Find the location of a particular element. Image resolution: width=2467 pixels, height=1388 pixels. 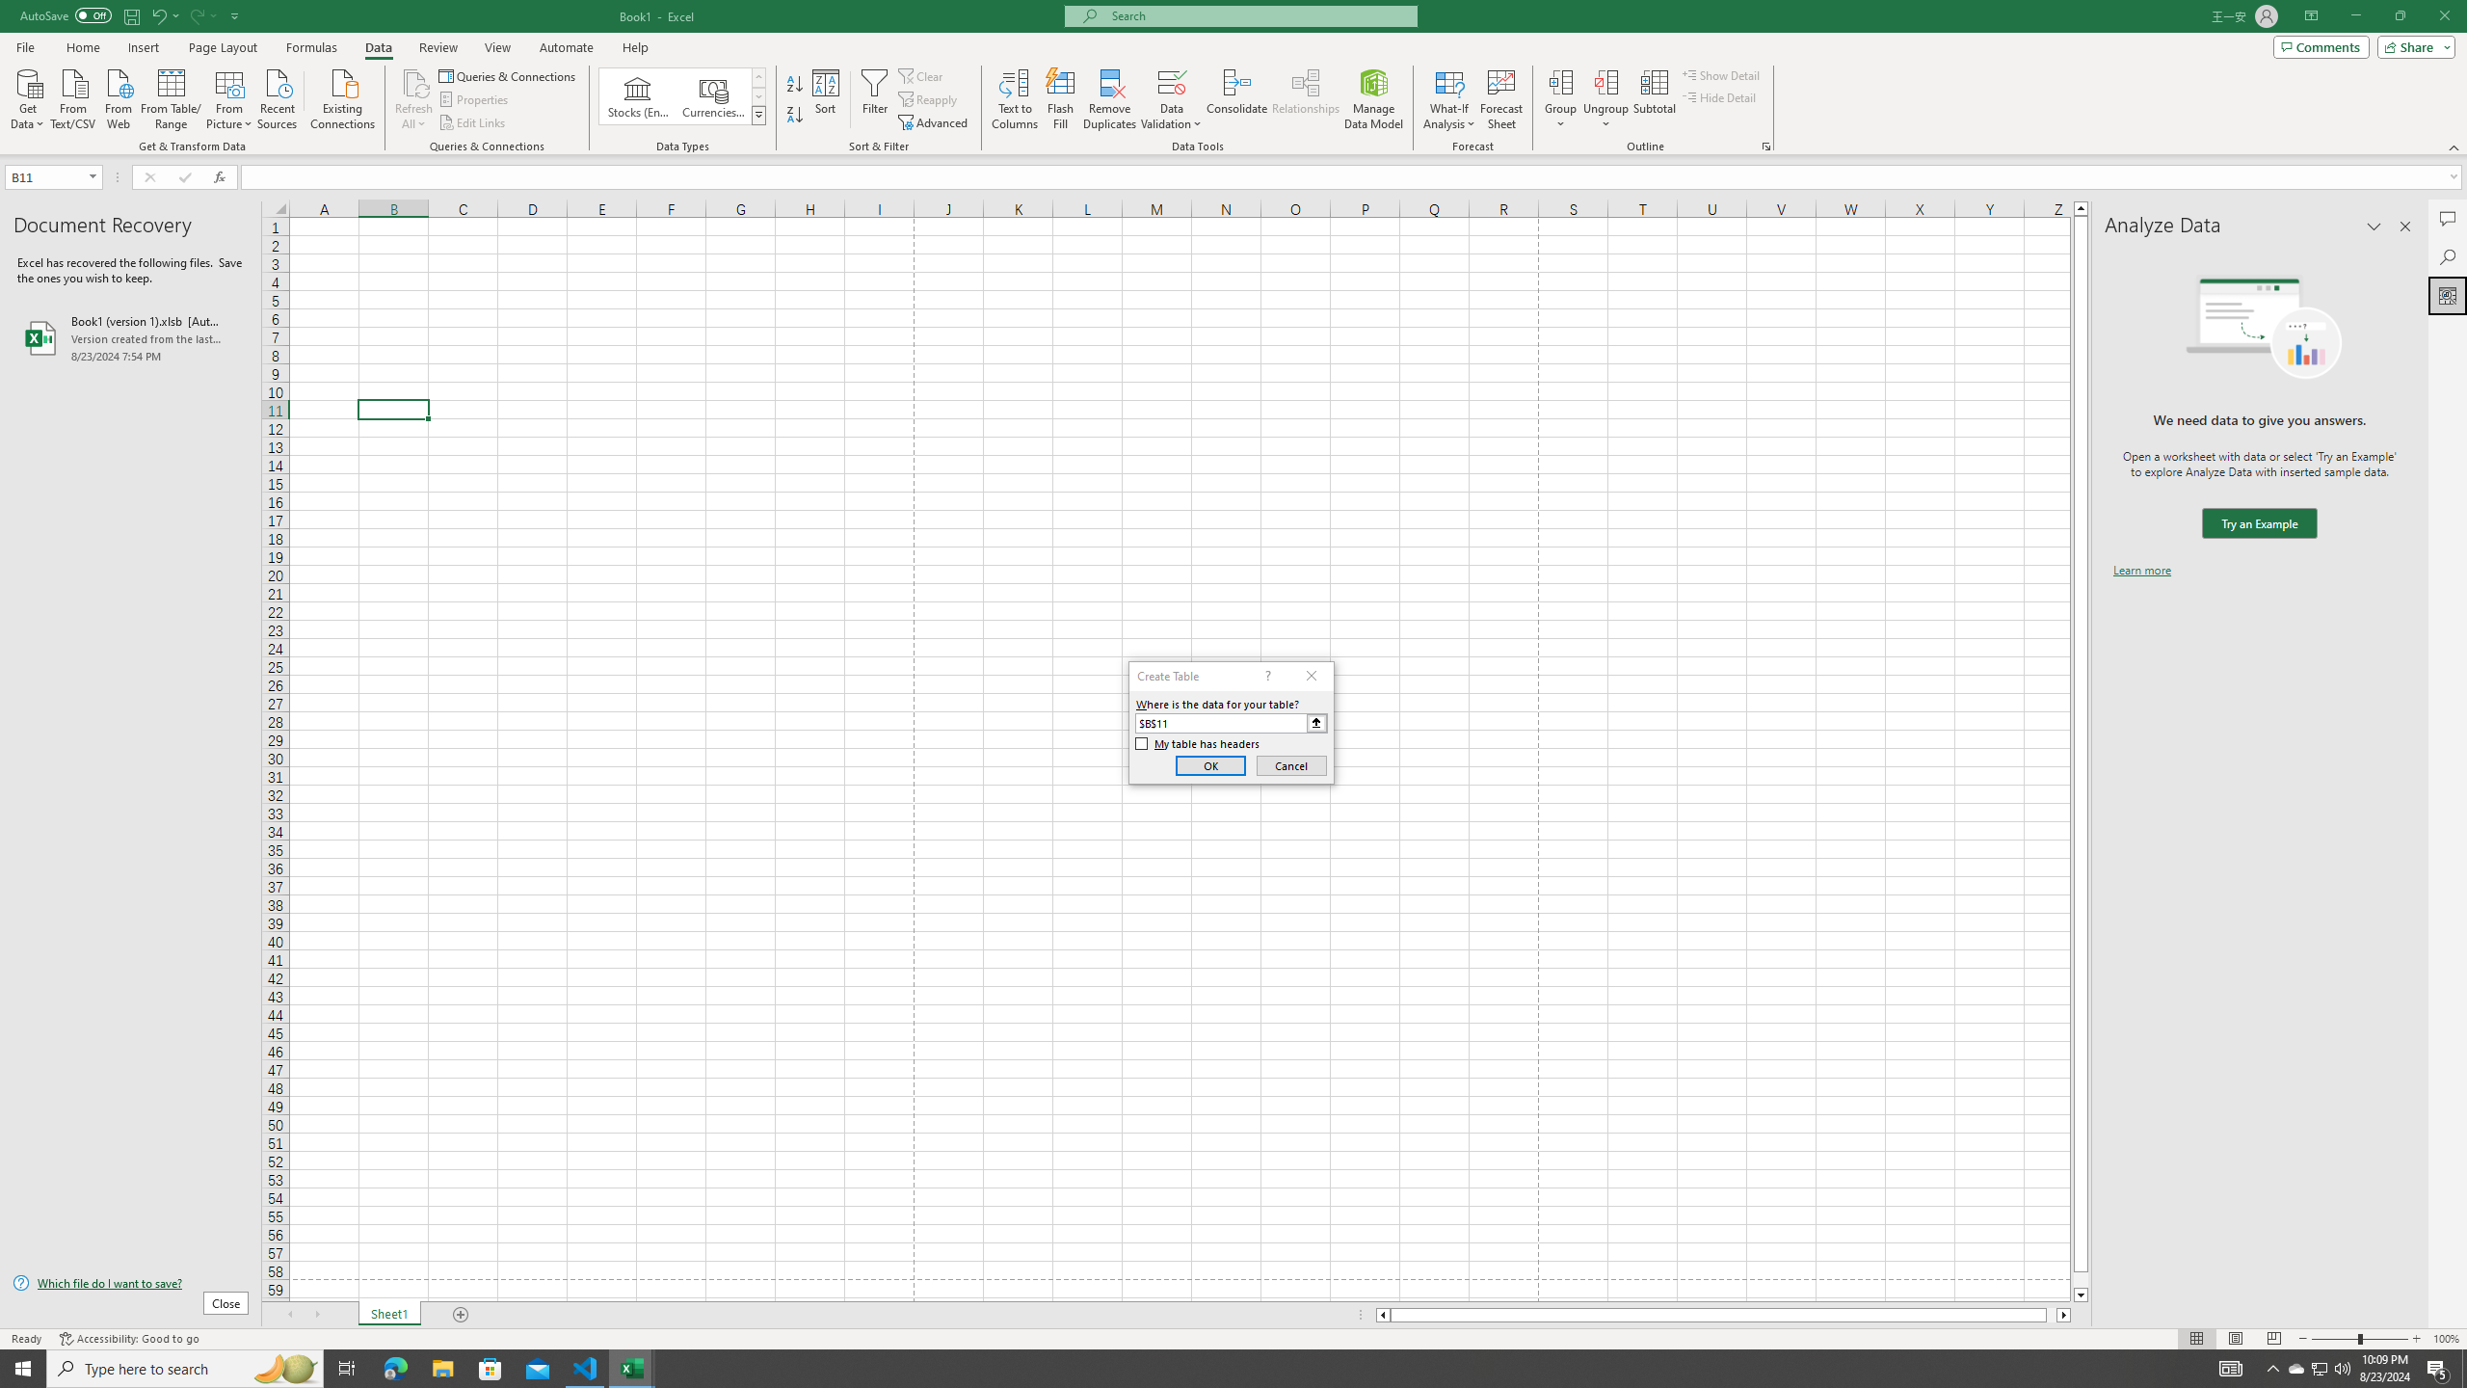

'Sheet1' is located at coordinates (388, 1314).